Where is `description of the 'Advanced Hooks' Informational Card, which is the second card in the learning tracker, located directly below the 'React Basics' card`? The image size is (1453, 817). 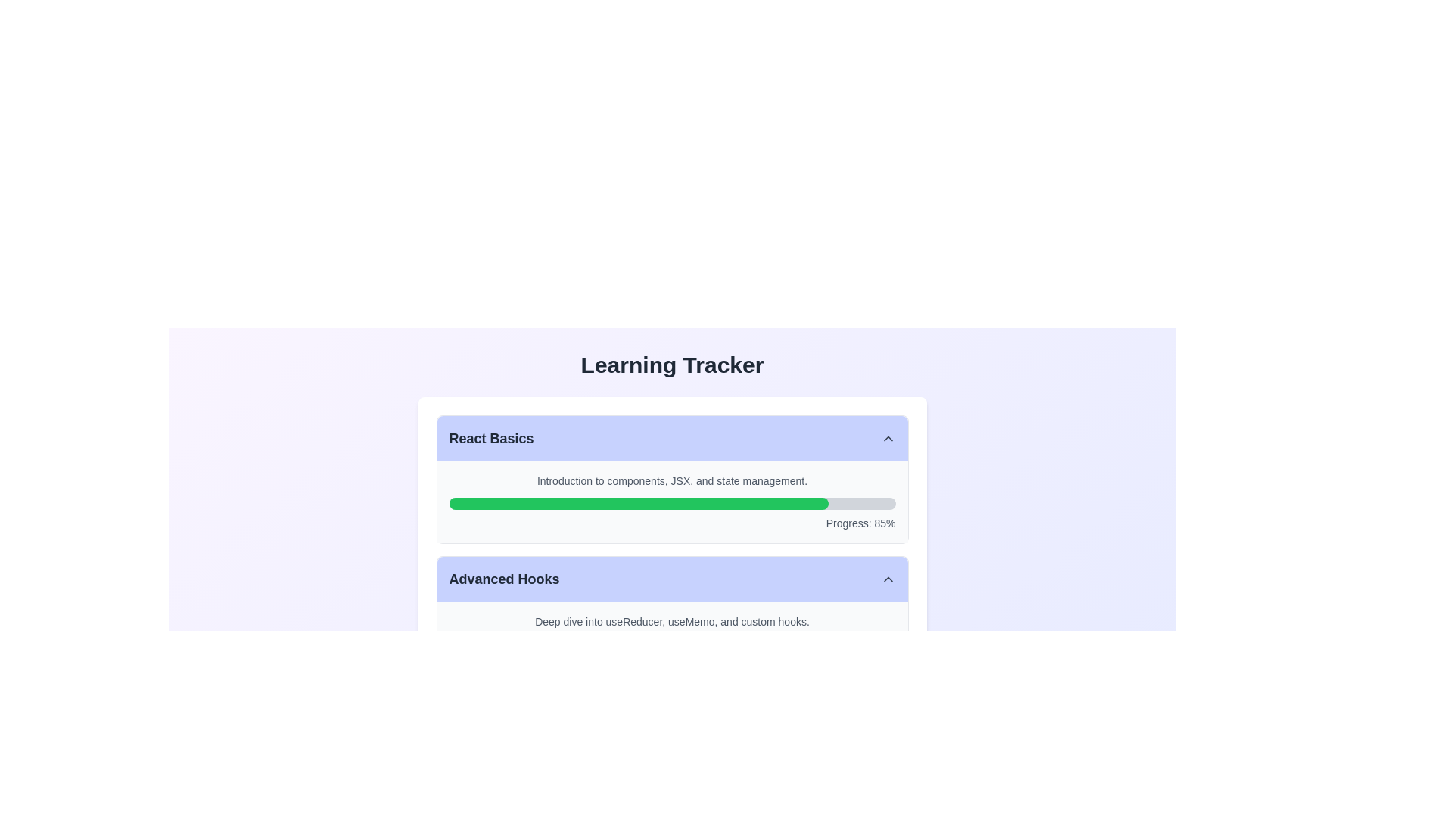 description of the 'Advanced Hooks' Informational Card, which is the second card in the learning tracker, located directly below the 'React Basics' card is located at coordinates (671, 620).